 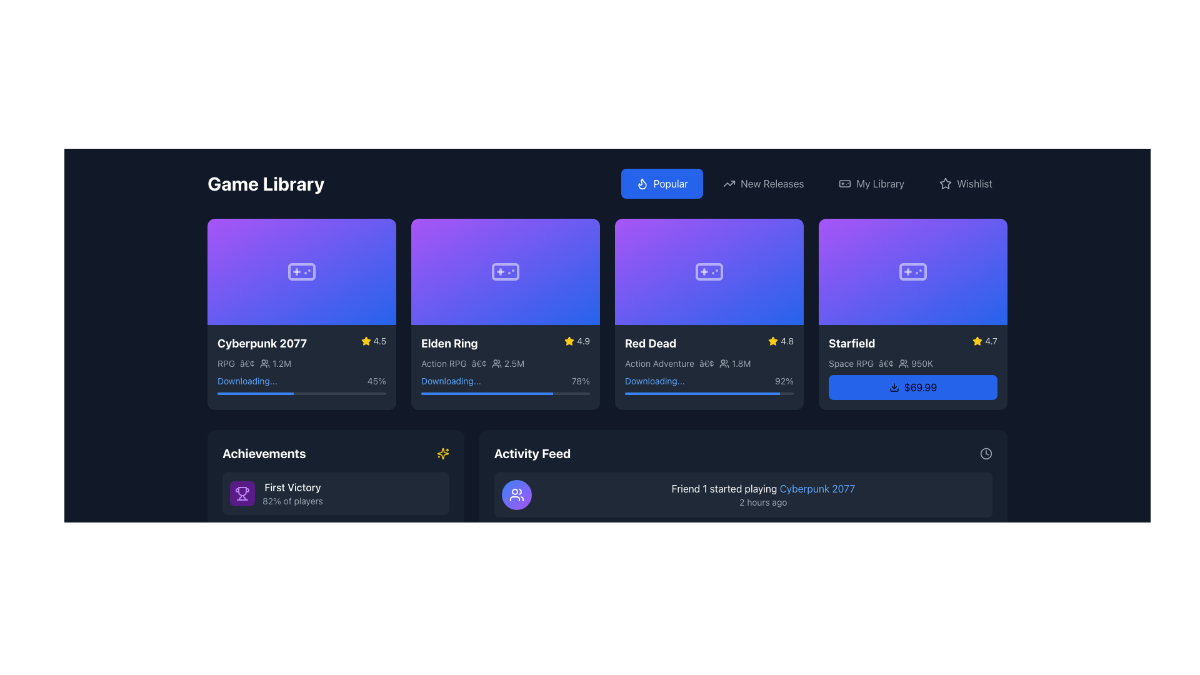 What do you see at coordinates (912, 271) in the screenshot?
I see `the game controller icon located in the fourth card from the left in the 'Game Library' section` at bounding box center [912, 271].